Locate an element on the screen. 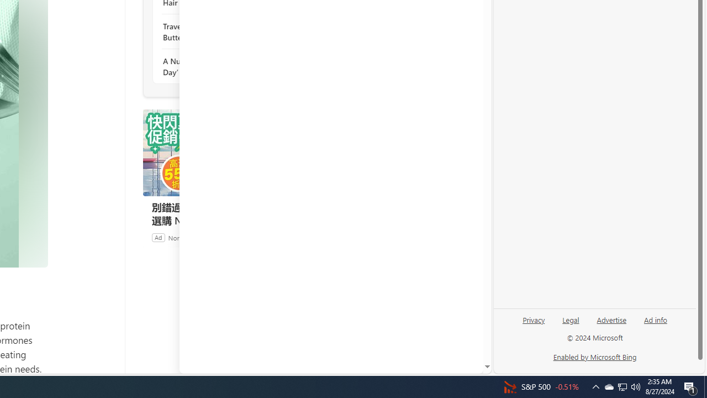 The image size is (707, 398). 'Legal' is located at coordinates (571, 323).